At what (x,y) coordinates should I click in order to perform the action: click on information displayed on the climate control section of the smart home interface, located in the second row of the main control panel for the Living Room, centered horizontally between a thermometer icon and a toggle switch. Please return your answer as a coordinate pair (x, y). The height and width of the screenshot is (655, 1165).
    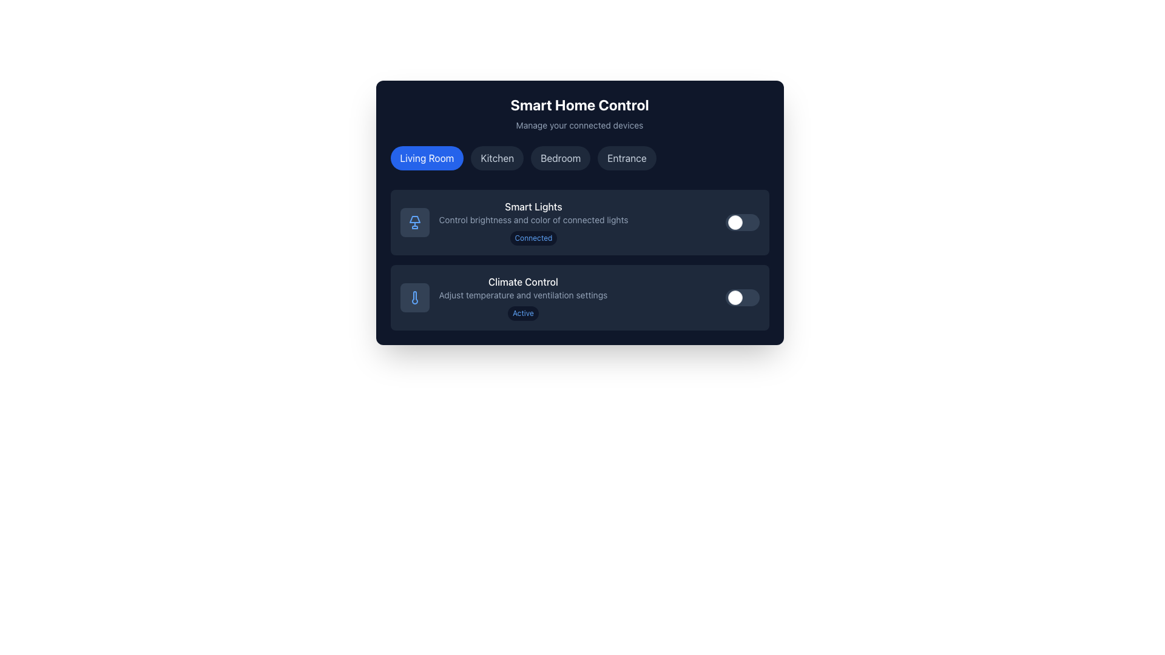
    Looking at the image, I should click on (523, 297).